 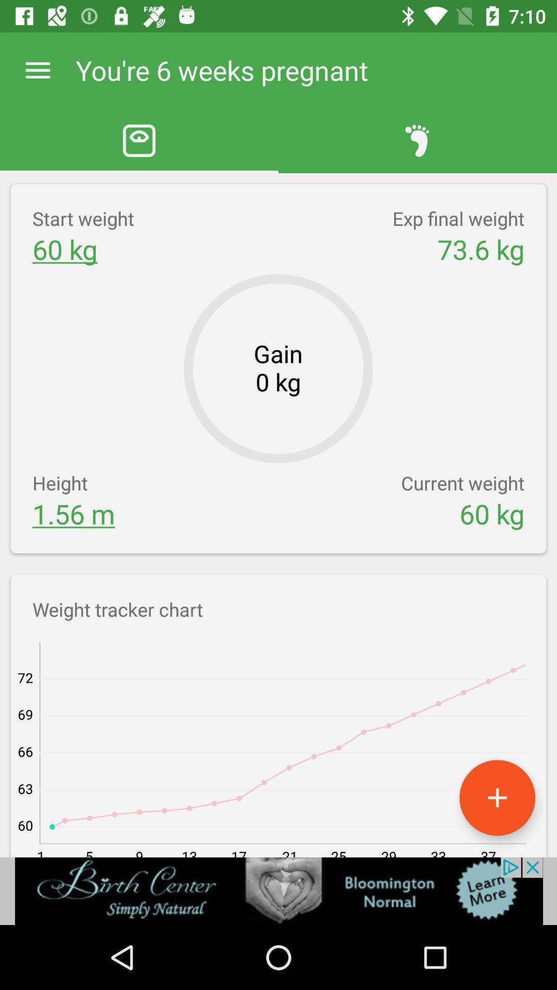 What do you see at coordinates (278, 890) in the screenshot?
I see `clickable advertisement` at bounding box center [278, 890].